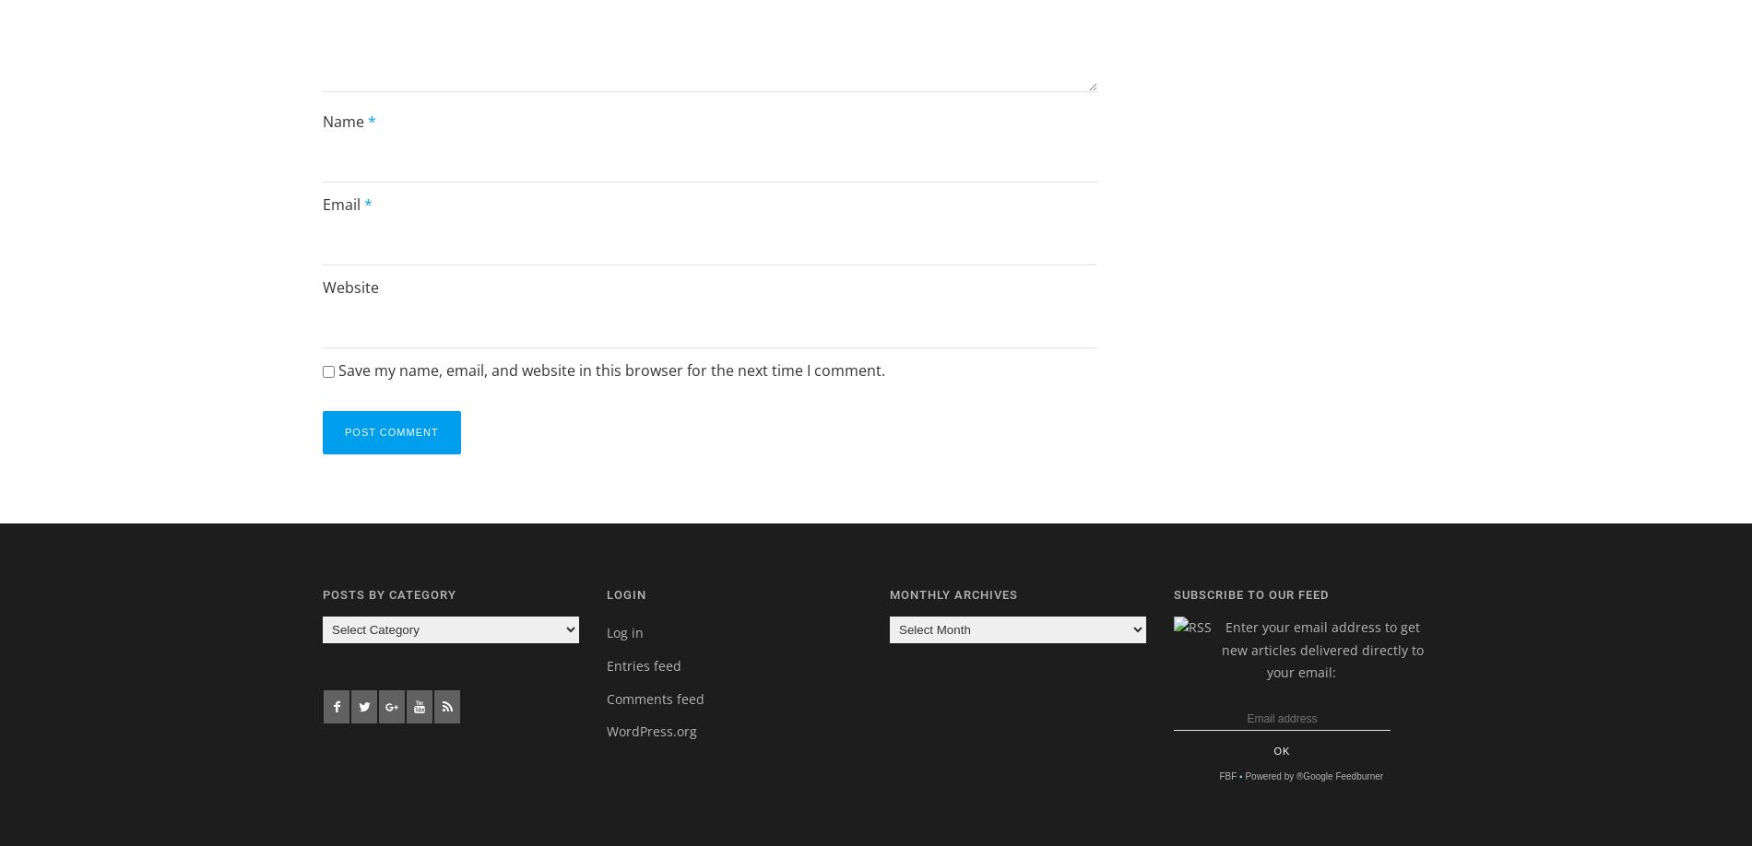 The image size is (1752, 846). Describe the element at coordinates (623, 632) in the screenshot. I see `'Log in'` at that location.